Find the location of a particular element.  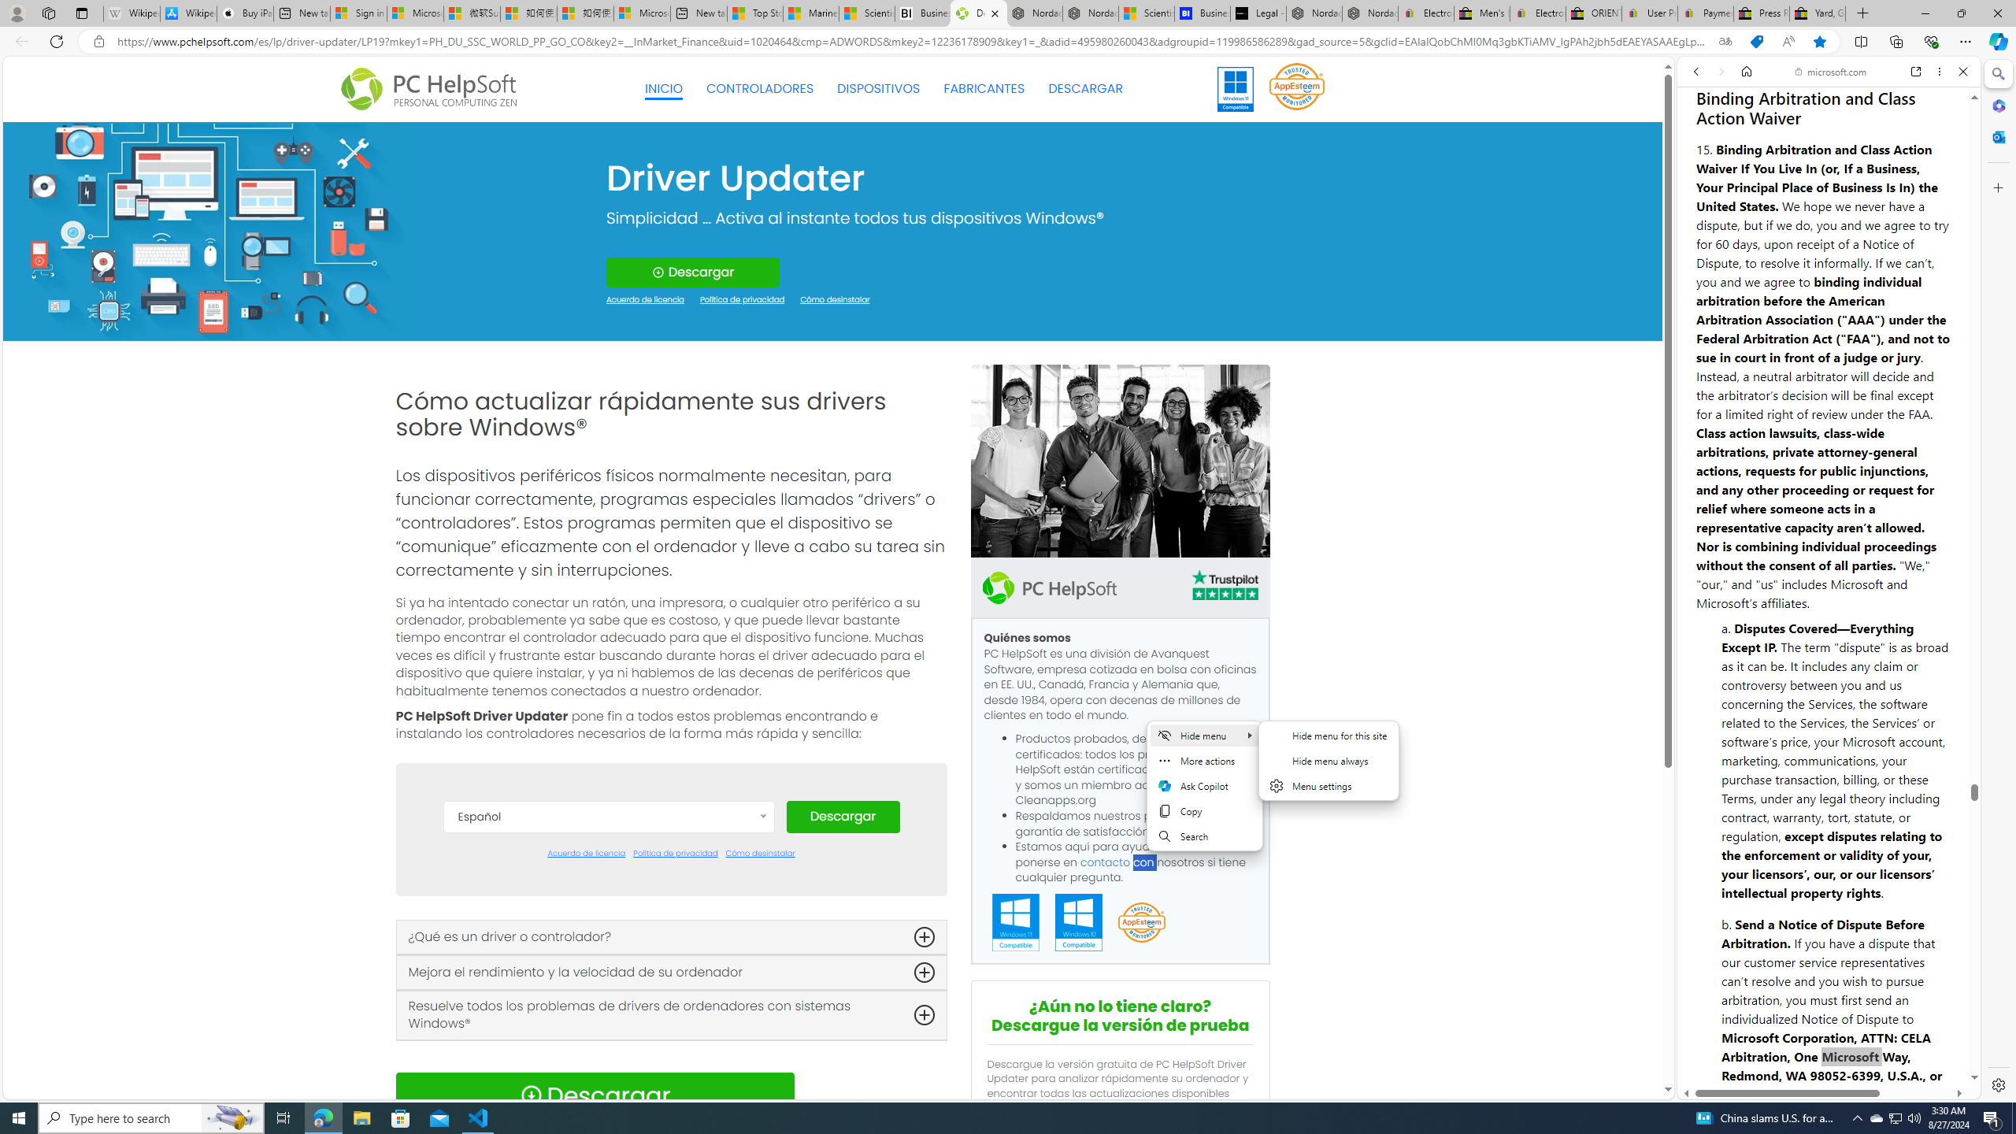

'Show translate options' is located at coordinates (1725, 42).